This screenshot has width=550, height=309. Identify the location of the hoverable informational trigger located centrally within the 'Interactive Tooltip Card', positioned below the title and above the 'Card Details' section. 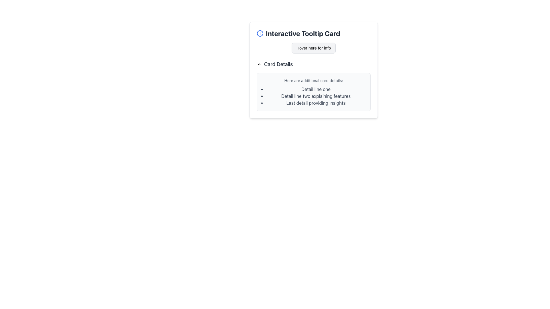
(313, 48).